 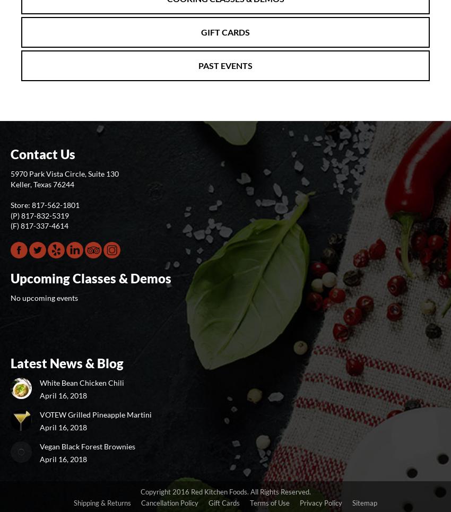 I want to click on 'Terms of Use', so click(x=270, y=503).